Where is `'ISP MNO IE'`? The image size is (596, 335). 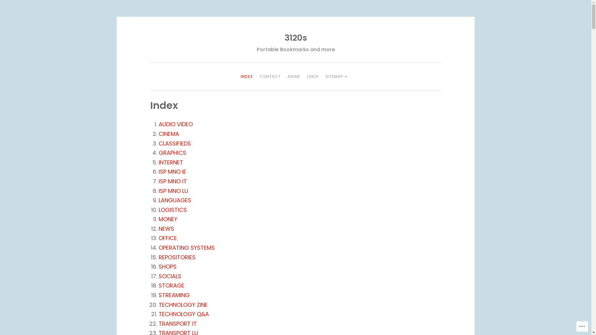
'ISP MNO IE' is located at coordinates (172, 172).